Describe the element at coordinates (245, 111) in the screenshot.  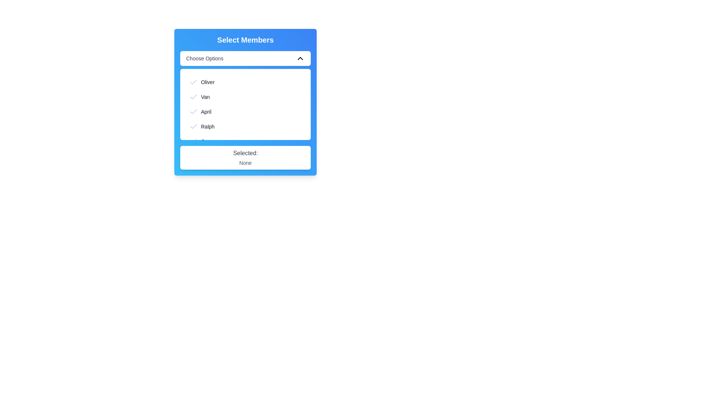
I see `to select the 'April' option in the dropdown menu titled 'Select Members', which is the third item in the list` at that location.